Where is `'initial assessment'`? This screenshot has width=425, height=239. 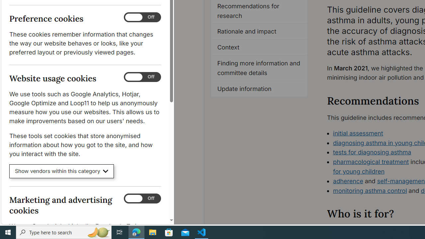 'initial assessment' is located at coordinates (358, 133).